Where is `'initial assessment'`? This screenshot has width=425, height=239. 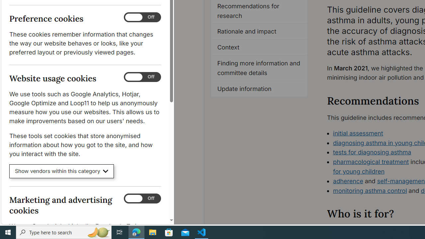 'initial assessment' is located at coordinates (358, 133).